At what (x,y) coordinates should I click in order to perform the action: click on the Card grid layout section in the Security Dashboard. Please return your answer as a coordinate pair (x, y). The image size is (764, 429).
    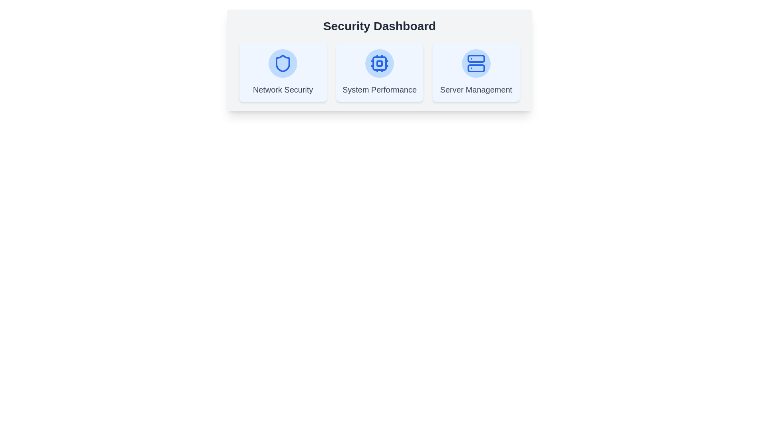
    Looking at the image, I should click on (379, 72).